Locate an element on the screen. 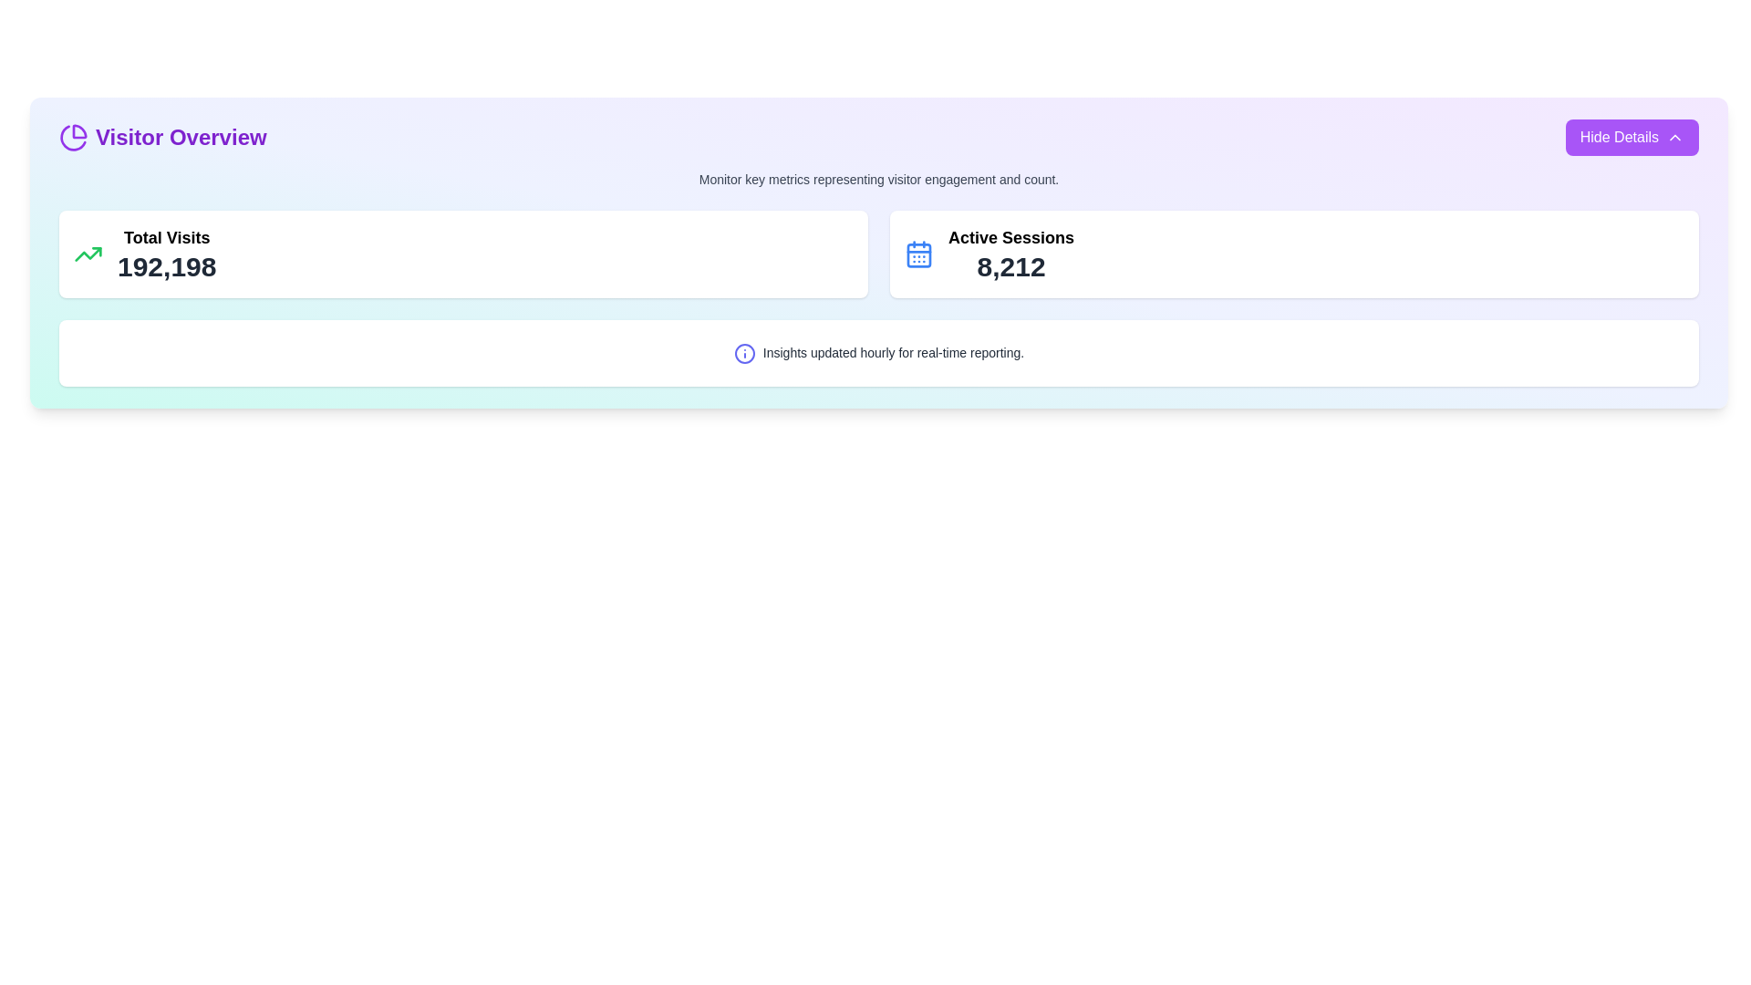 This screenshot has width=1751, height=985. the text label that provides information about the frequency of data updates, located at the center of a white background section at the bottom of the dashboard panel is located at coordinates (893, 352).